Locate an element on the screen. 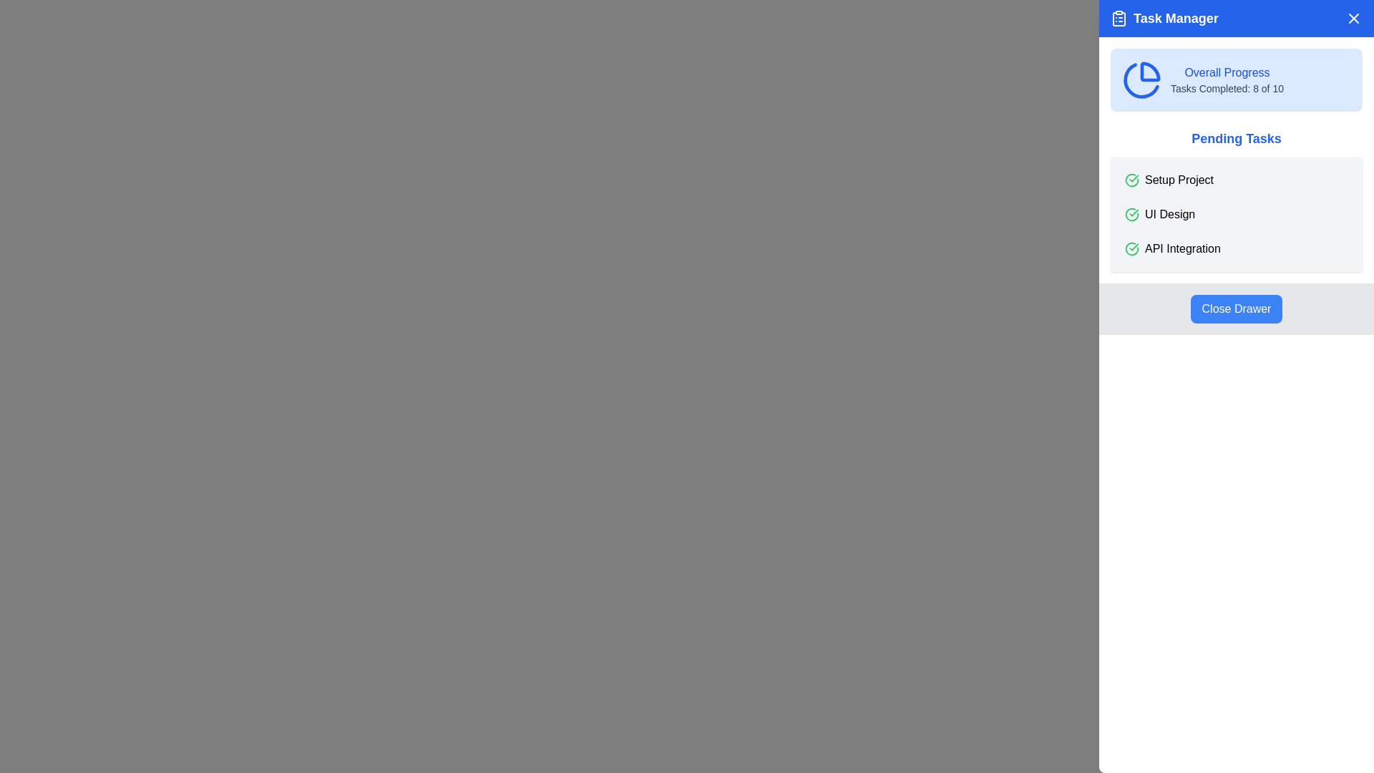 Image resolution: width=1374 pixels, height=773 pixels. the 'Pending Tasks' header text, which is styled with a bold font, larger text size, and blue color, located in the 'Task Manager' section above the list of tasks is located at coordinates (1236, 138).